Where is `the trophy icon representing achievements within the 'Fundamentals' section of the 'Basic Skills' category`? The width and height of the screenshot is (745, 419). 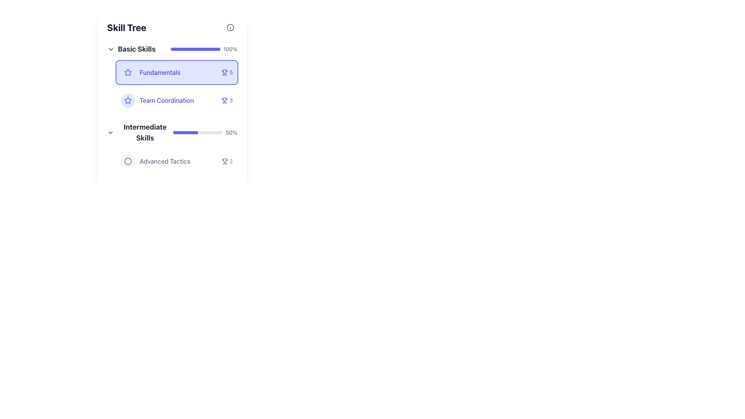 the trophy icon representing achievements within the 'Fundamentals' section of the 'Basic Skills' category is located at coordinates (224, 71).